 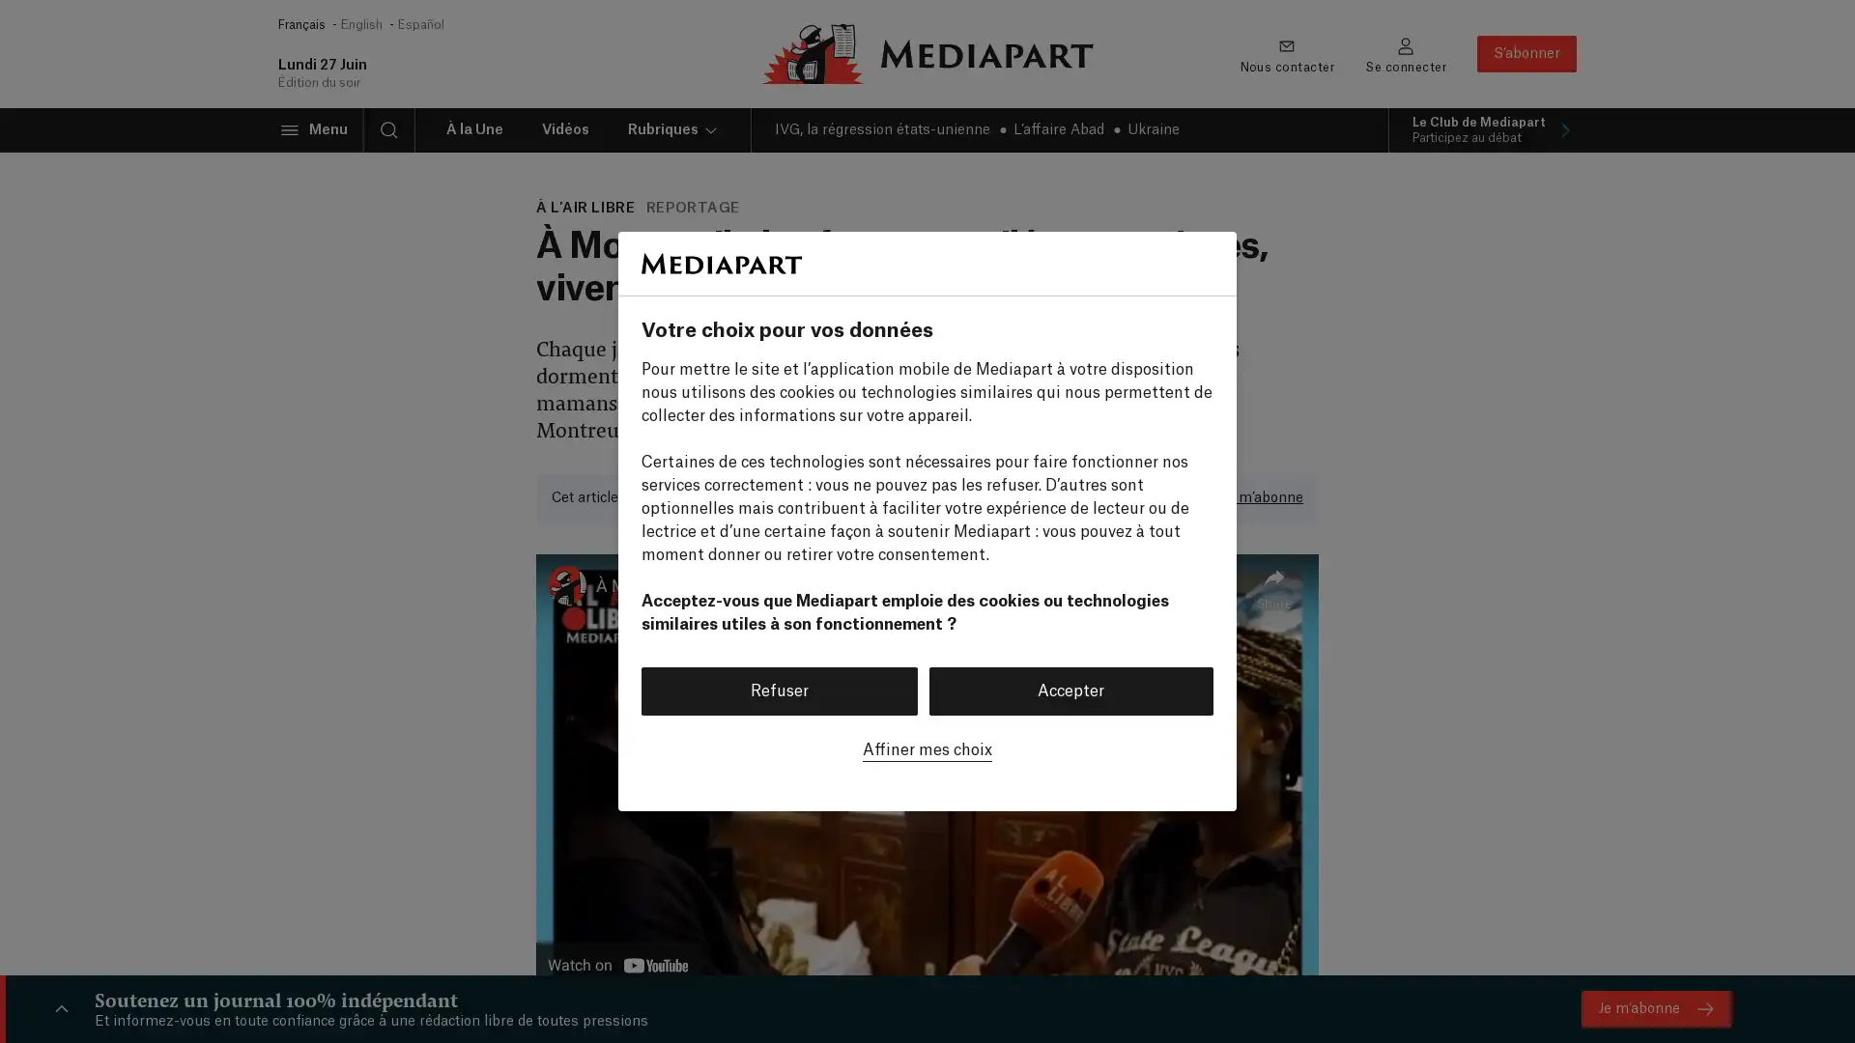 What do you see at coordinates (1070, 689) in the screenshot?
I see `Accepter` at bounding box center [1070, 689].